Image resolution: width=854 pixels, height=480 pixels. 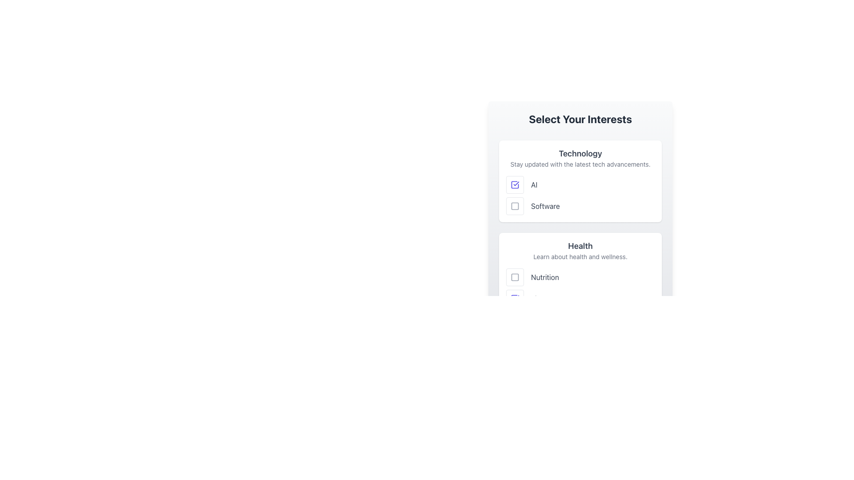 I want to click on the text label describing the 'Nutrition' interest checkbox located in the 'Select Your Interests' panel under the 'Health' section, so click(x=544, y=277).